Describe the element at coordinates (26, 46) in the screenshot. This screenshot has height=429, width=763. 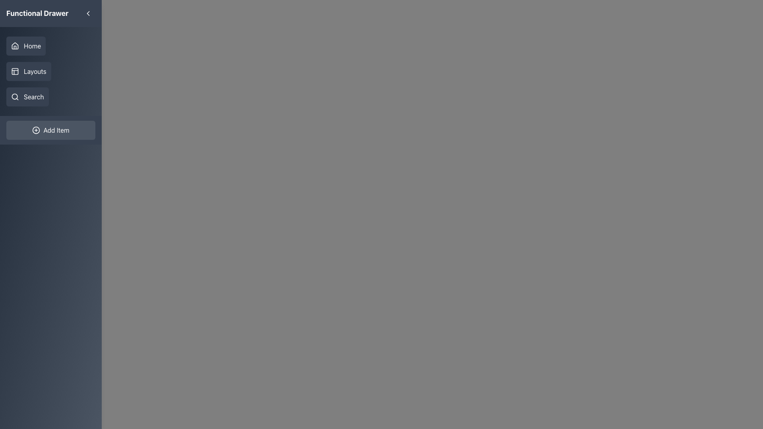
I see `the 'Home' button located in the left sidebar, which is the first item in a vertical list of navigation options, to observe the background color change` at that location.